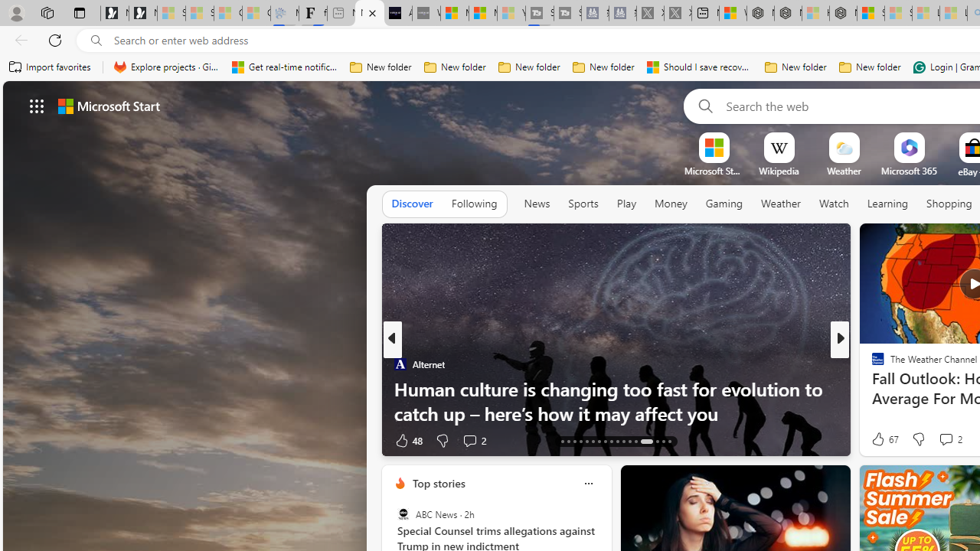 This screenshot has height=551, width=980. What do you see at coordinates (37, 105) in the screenshot?
I see `'AutomationID: waffle'` at bounding box center [37, 105].